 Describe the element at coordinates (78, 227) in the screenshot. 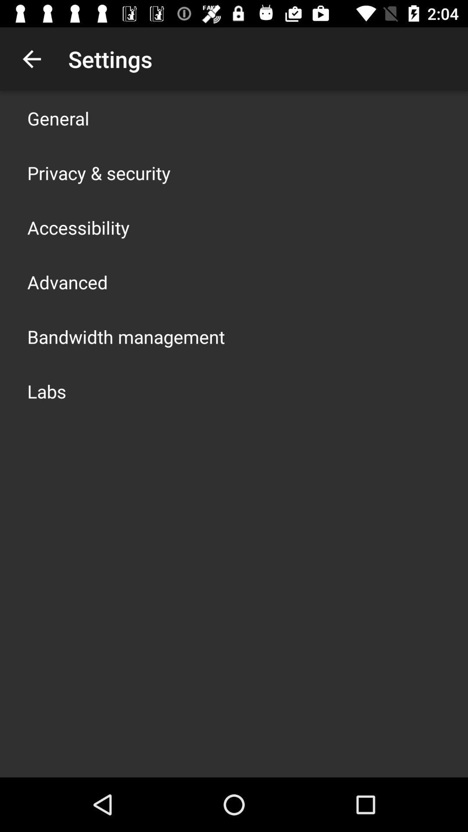

I see `the app below privacy & security app` at that location.